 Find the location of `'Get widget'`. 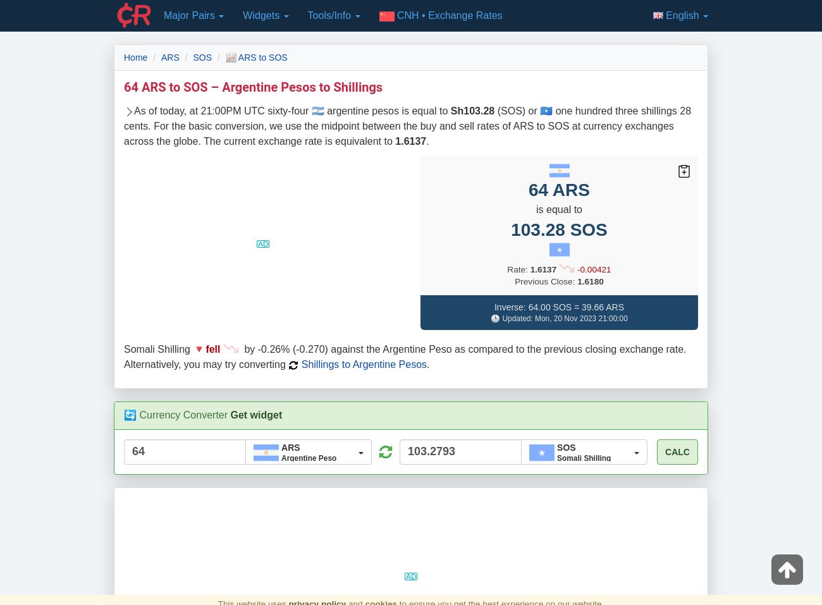

'Get widget' is located at coordinates (255, 414).